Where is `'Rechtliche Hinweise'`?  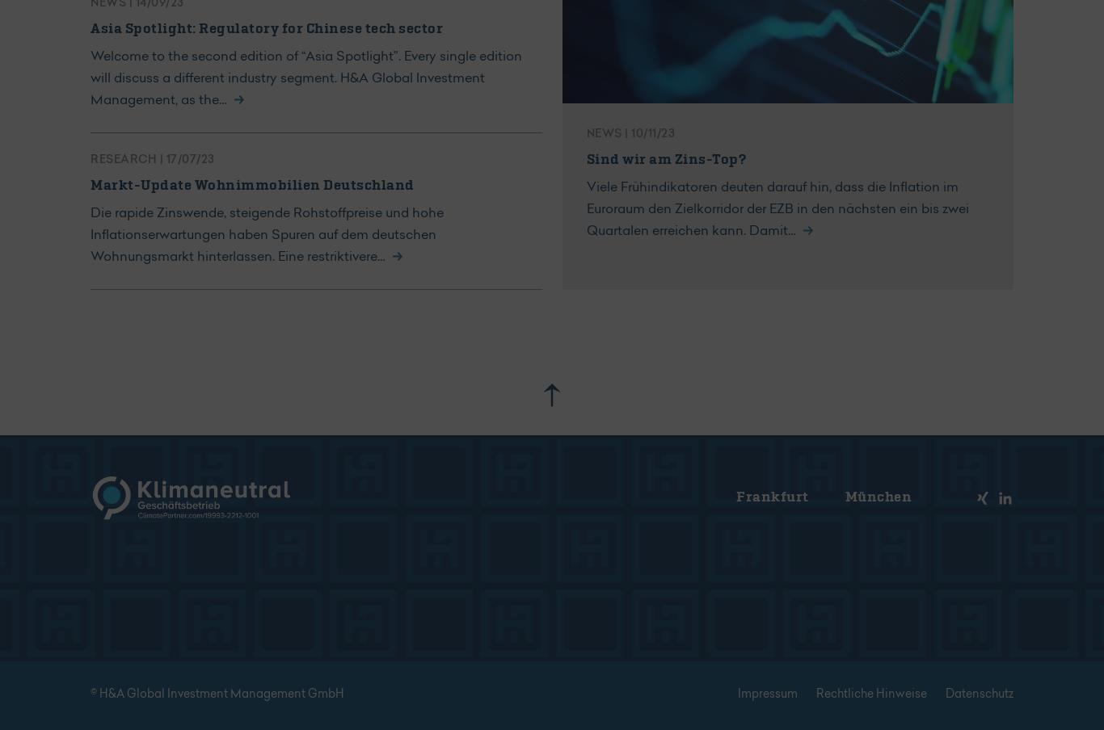 'Rechtliche Hinweise' is located at coordinates (870, 694).